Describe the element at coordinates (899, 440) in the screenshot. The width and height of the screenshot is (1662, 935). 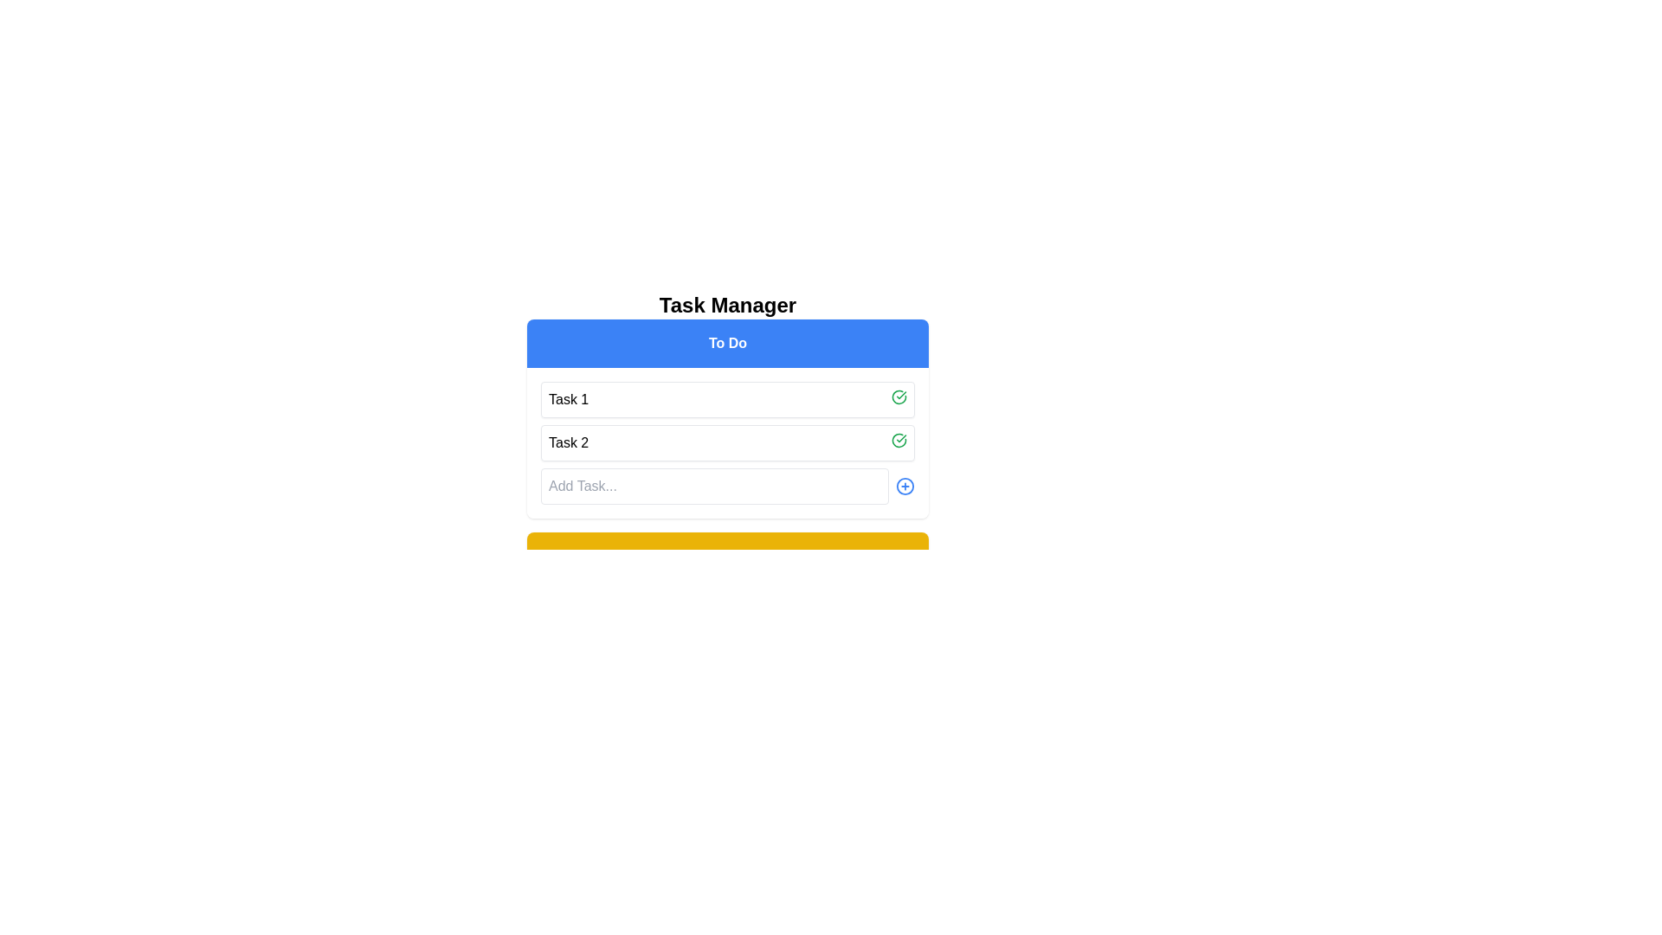
I see `the completion status icon for 'Task 2' located on the right side of the task label in the task management interface` at that location.